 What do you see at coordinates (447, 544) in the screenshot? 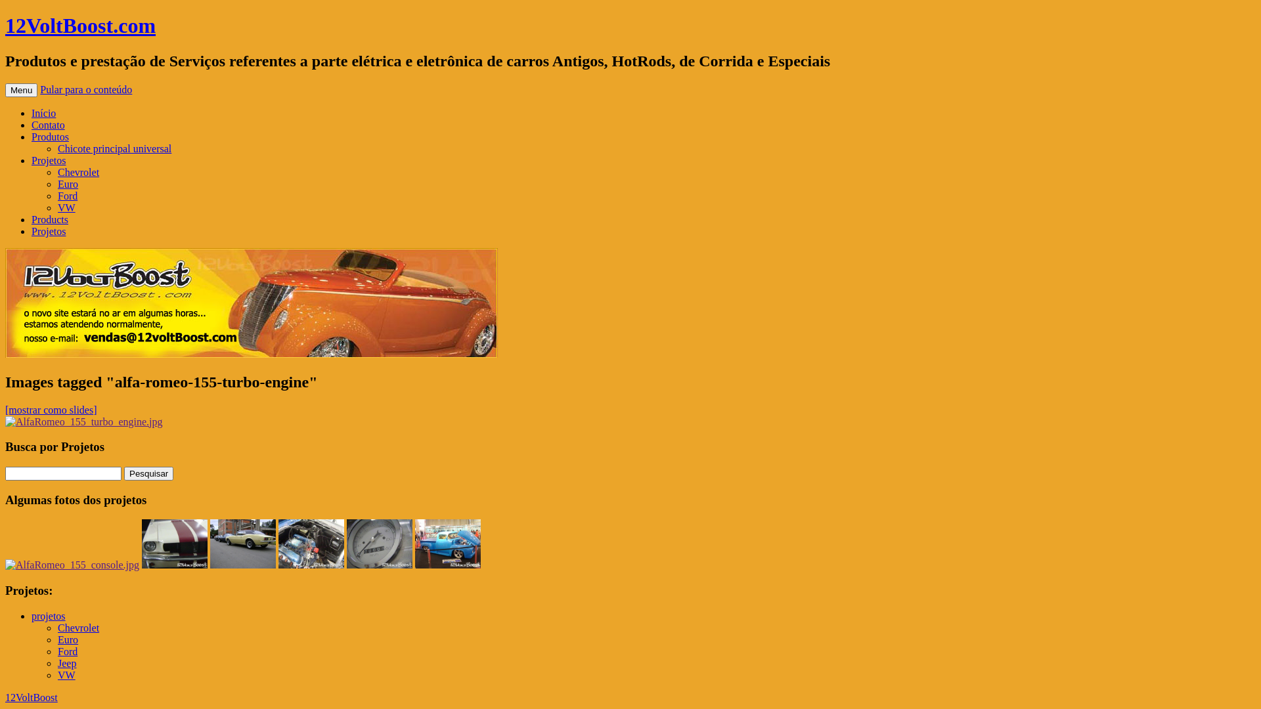
I see `'Ford_Truck_F100_XtremeMotorSports_2006_c.jpg'` at bounding box center [447, 544].